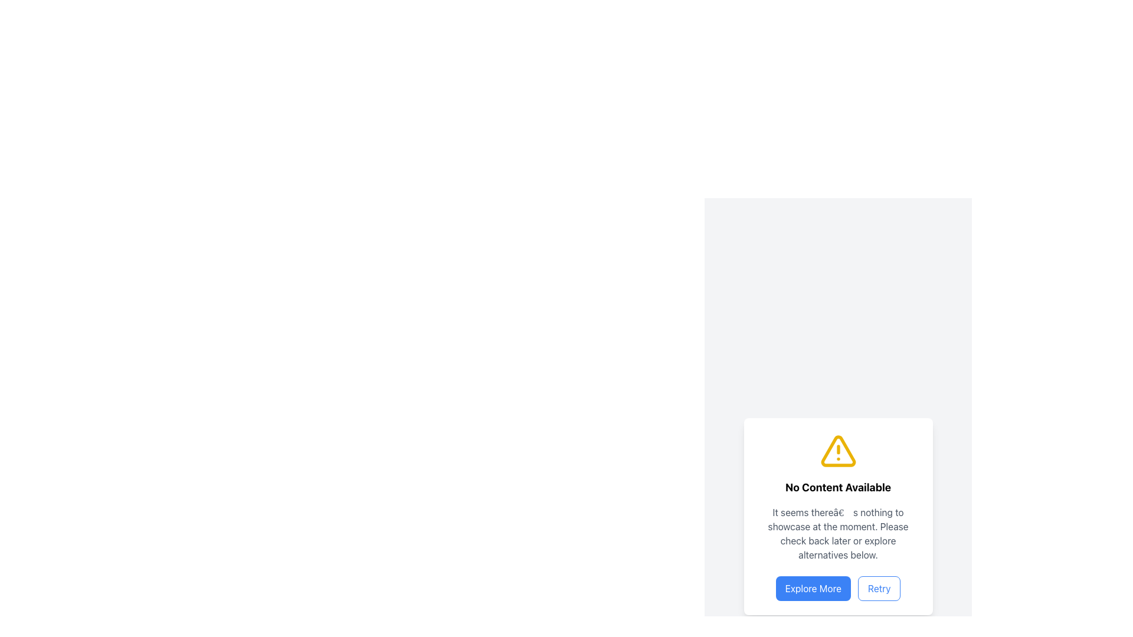  Describe the element at coordinates (837, 534) in the screenshot. I see `the text block containing a multi-line message in a subdued gray font, positioned centrally within a card-like UI below the title 'No Content Available' and above the buttons 'Explore More' and 'Retry'` at that location.